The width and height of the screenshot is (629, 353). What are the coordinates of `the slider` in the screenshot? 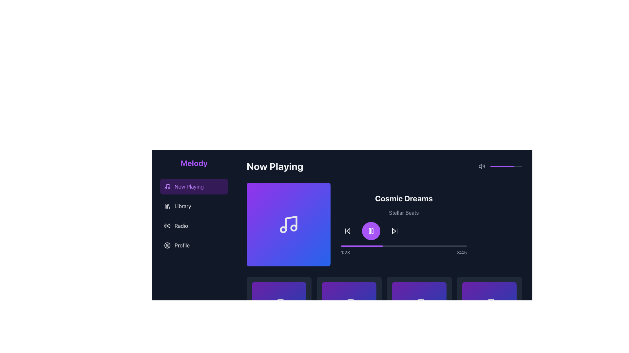 It's located at (517, 166).